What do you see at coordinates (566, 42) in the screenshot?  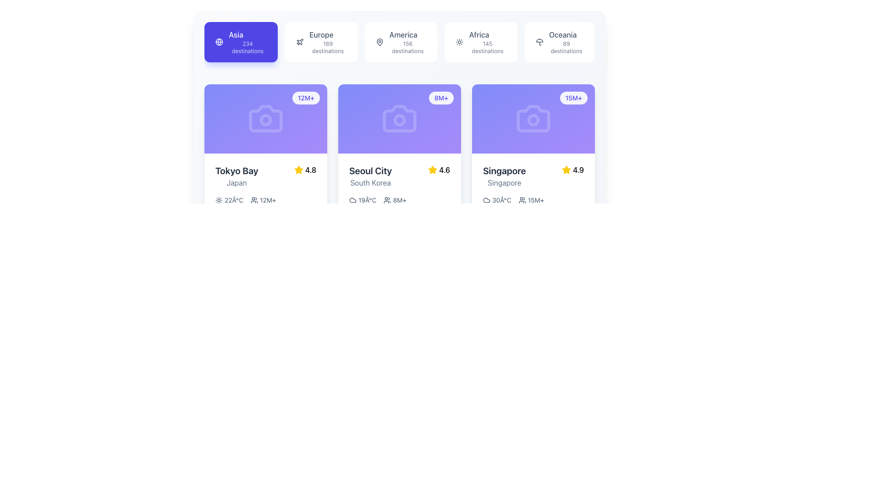 I see `the label that provides information about the geographic region Oceania, which is located within the fifth card from the left and displays the number of destinations available (89)` at bounding box center [566, 42].